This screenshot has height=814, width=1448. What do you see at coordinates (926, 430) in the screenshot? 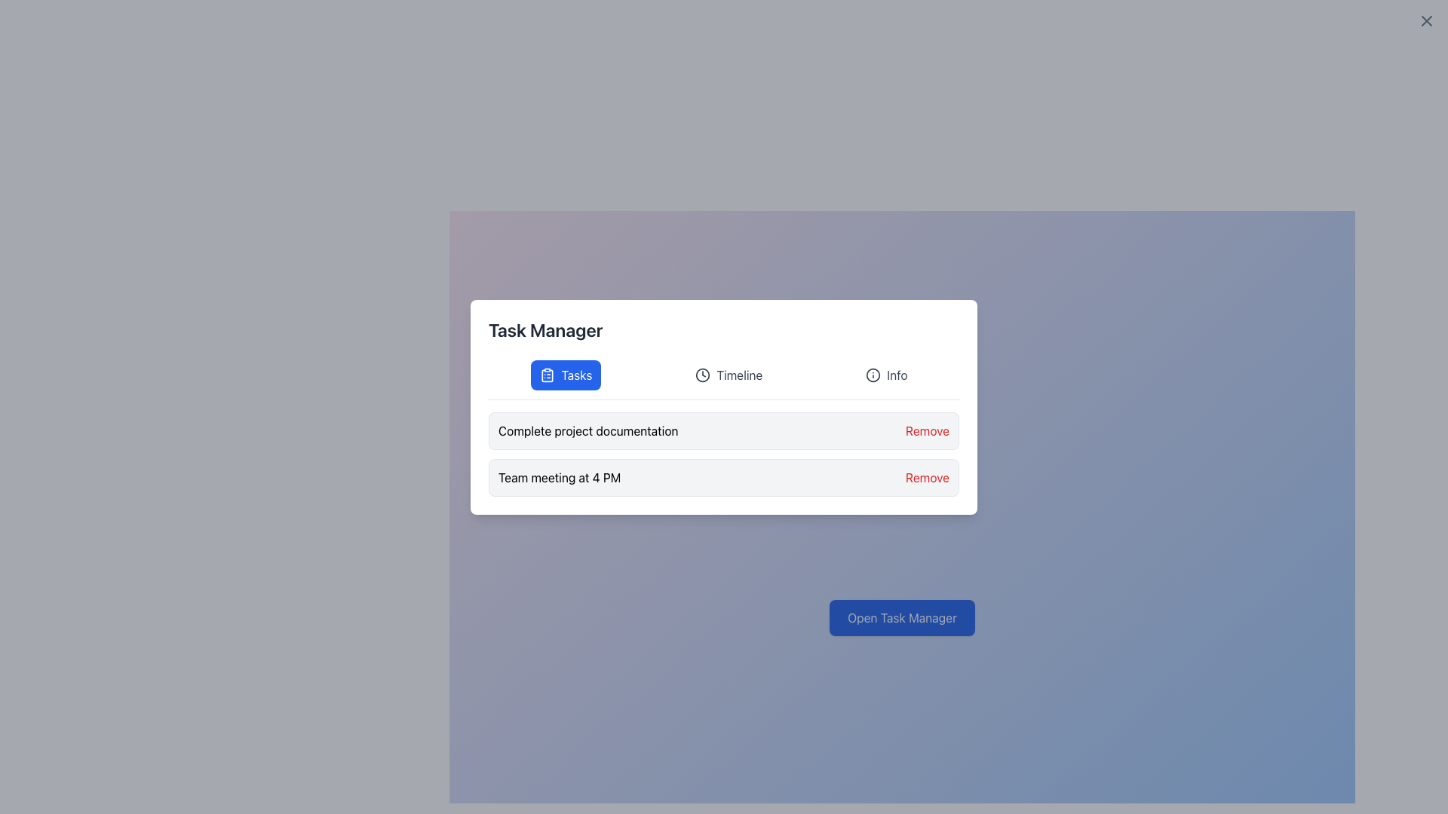
I see `the button that removes the task titled 'Complete project documentation' to underline the text` at bounding box center [926, 430].